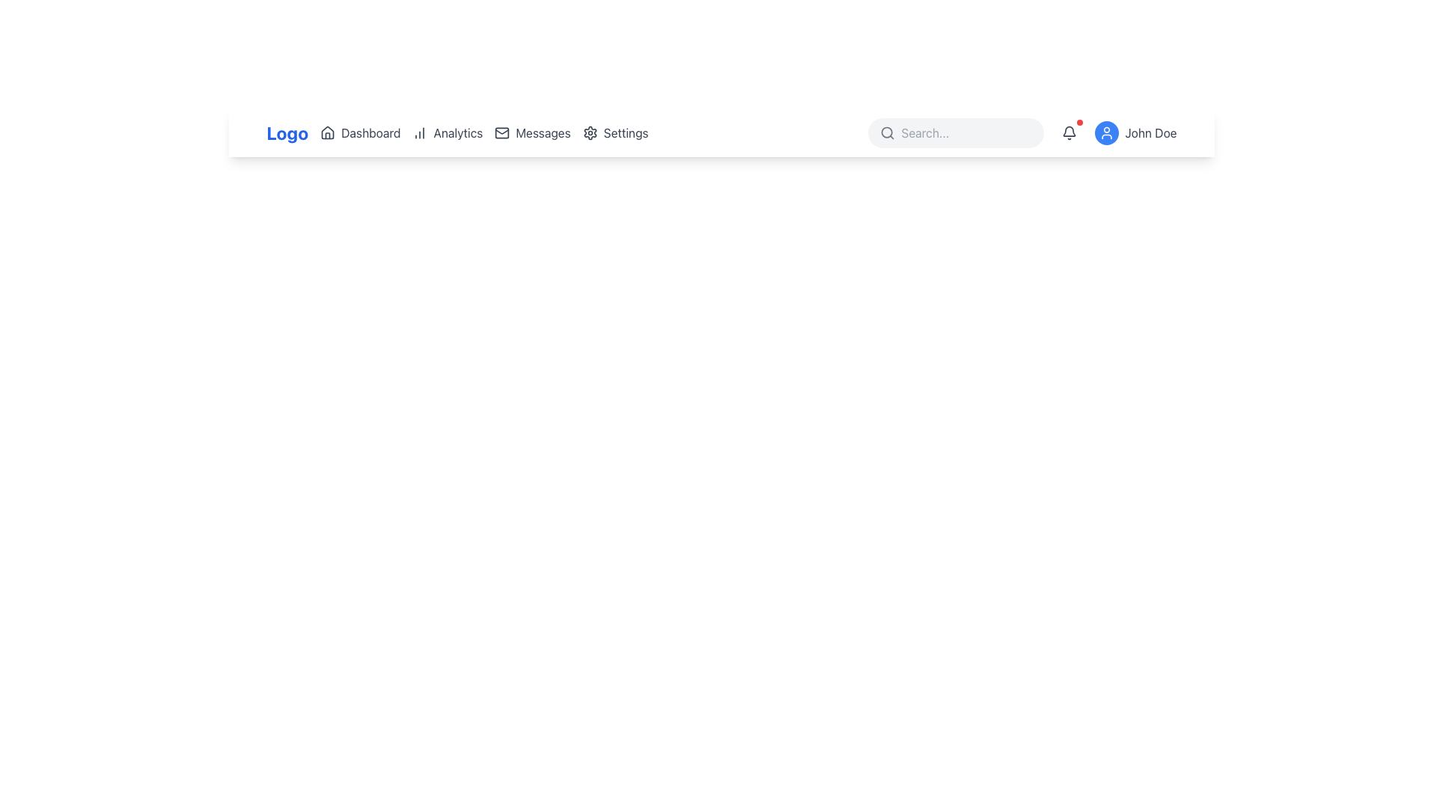  What do you see at coordinates (370, 132) in the screenshot?
I see `the 'Dashboard' text label within the navigation bar` at bounding box center [370, 132].